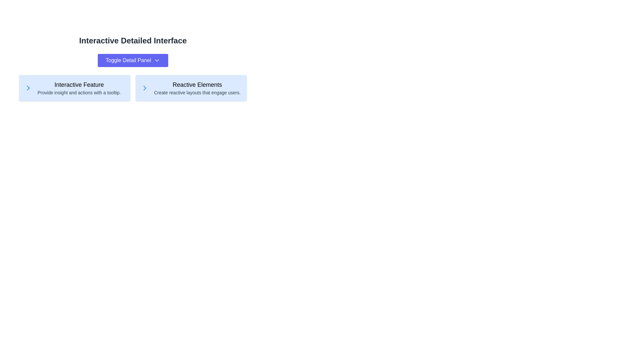 This screenshot has height=355, width=632. What do you see at coordinates (132, 60) in the screenshot?
I see `the 'Toggle Detail Panel' button` at bounding box center [132, 60].